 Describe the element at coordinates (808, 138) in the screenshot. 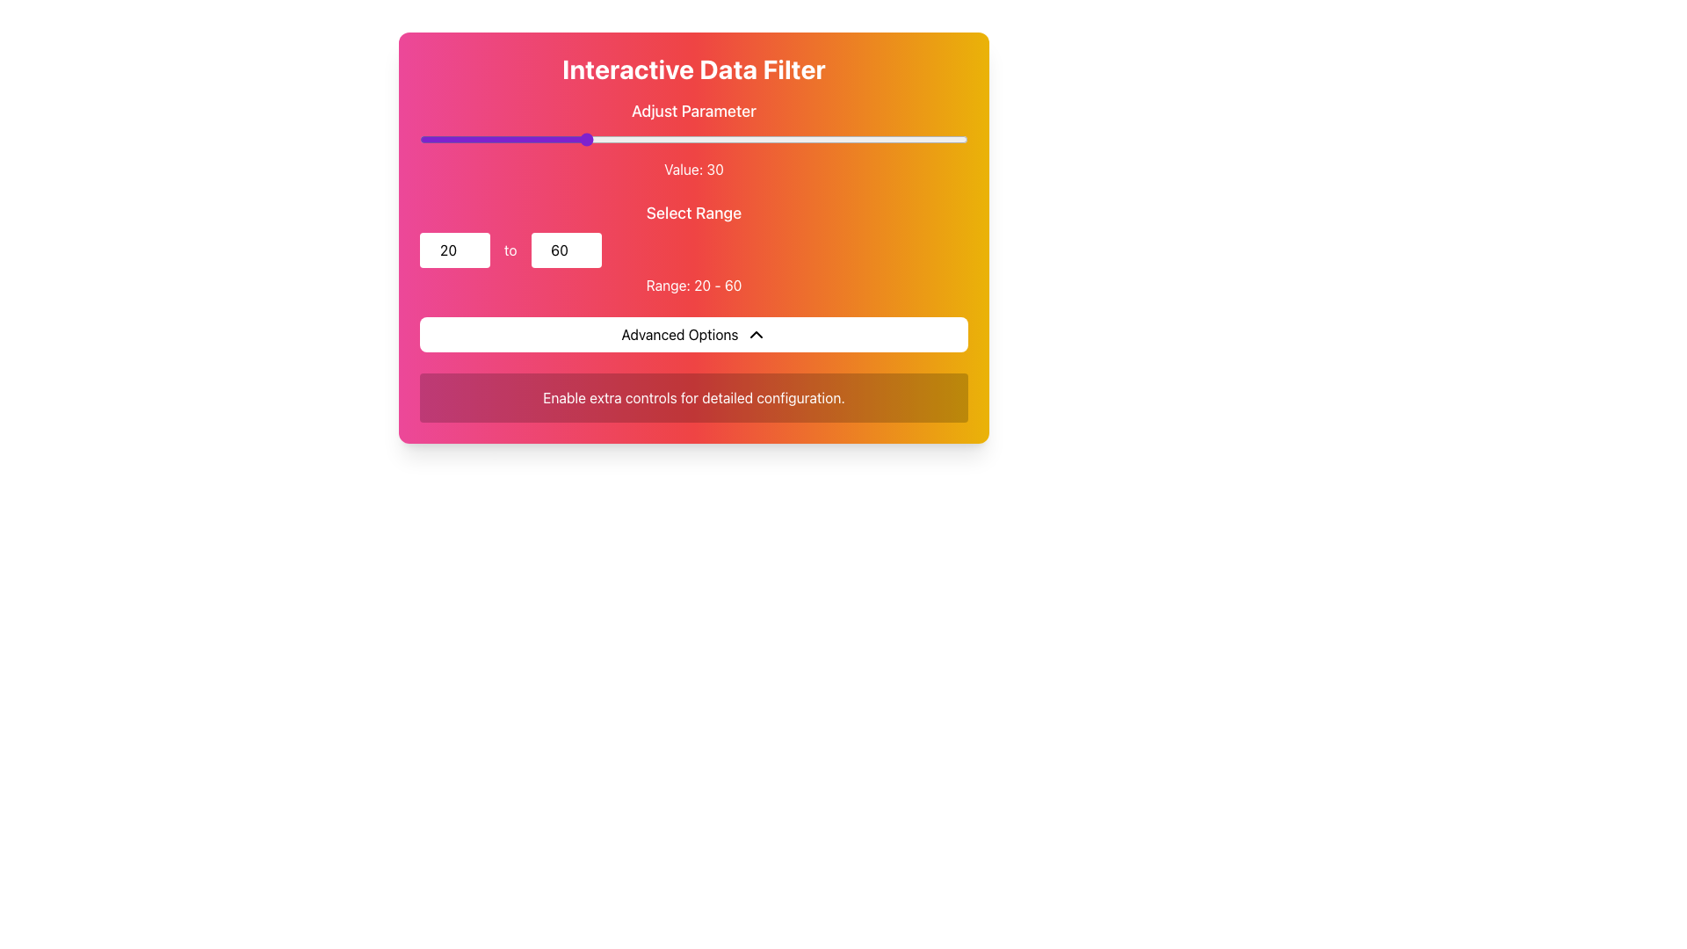

I see `the parameter` at that location.